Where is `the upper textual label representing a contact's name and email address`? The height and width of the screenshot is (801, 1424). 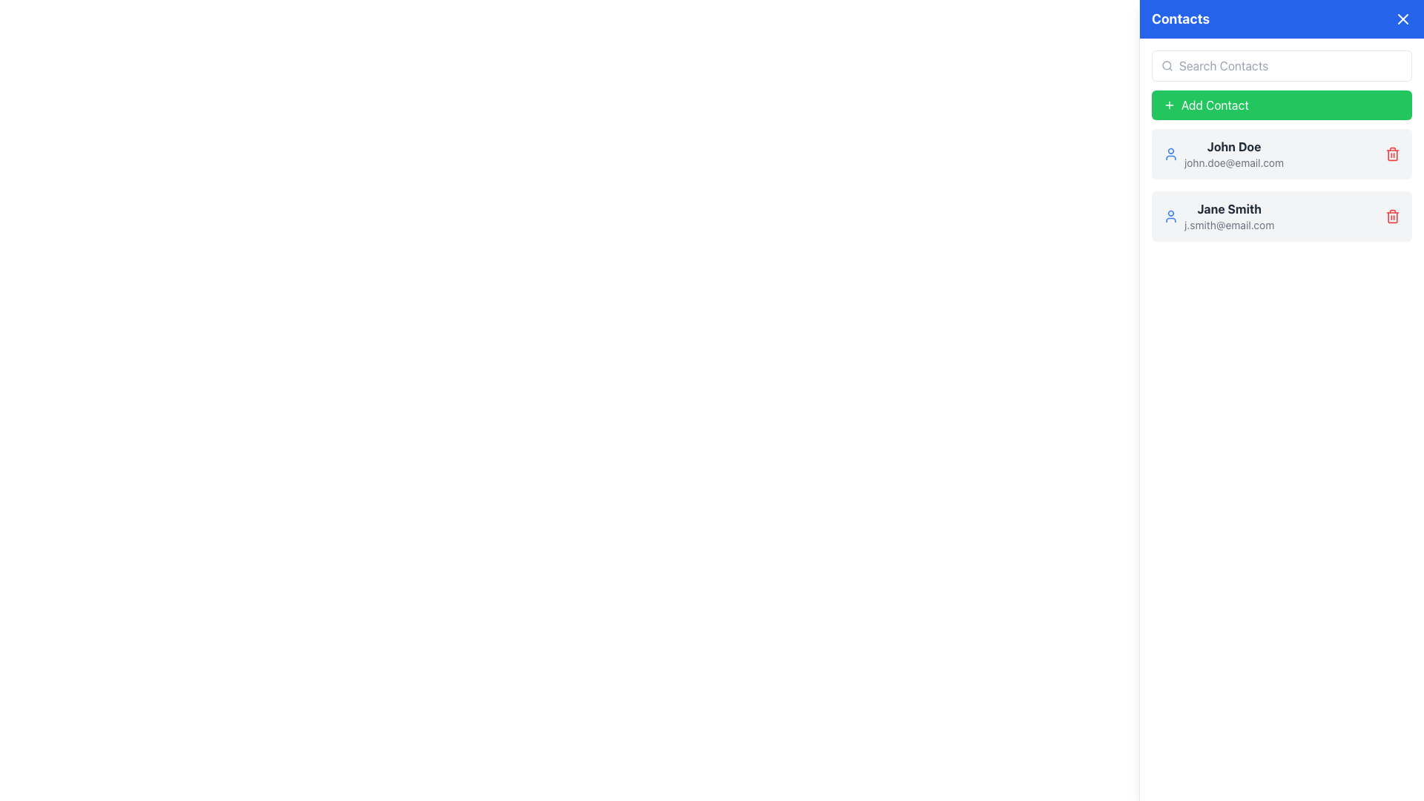 the upper textual label representing a contact's name and email address is located at coordinates (1234, 154).